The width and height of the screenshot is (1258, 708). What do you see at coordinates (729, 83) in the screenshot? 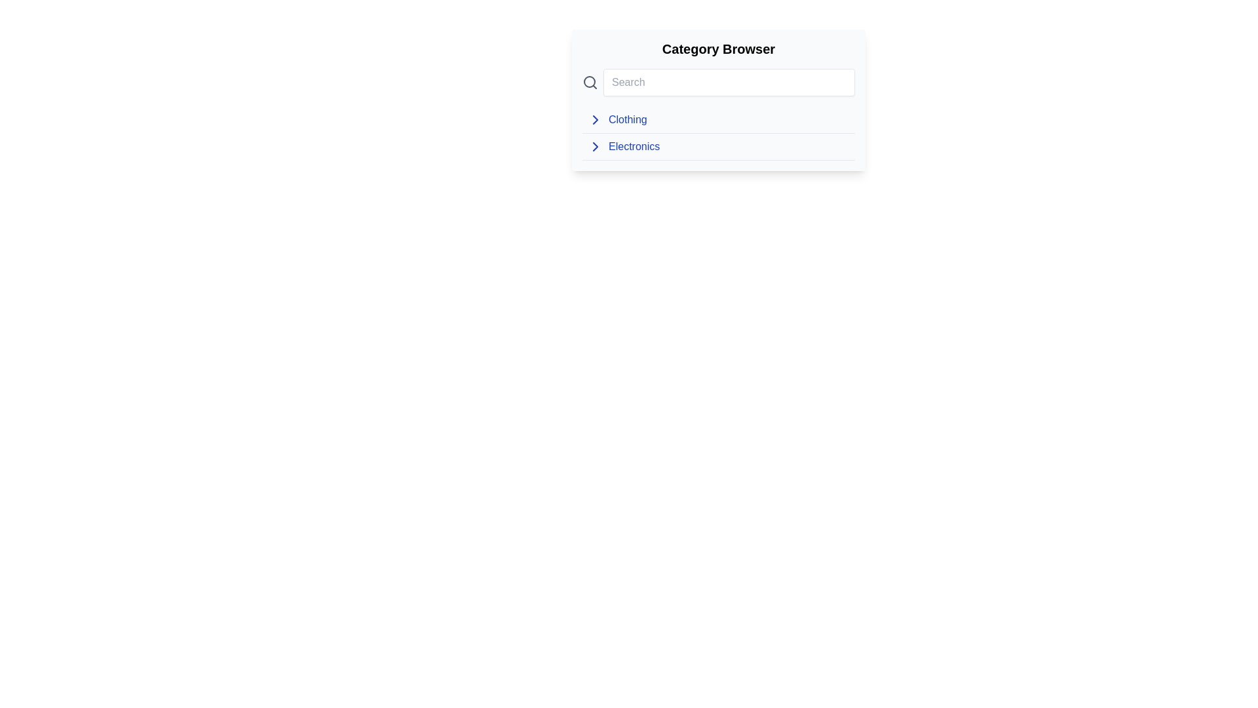
I see `the search input box located within the 'Category Browser' section` at bounding box center [729, 83].